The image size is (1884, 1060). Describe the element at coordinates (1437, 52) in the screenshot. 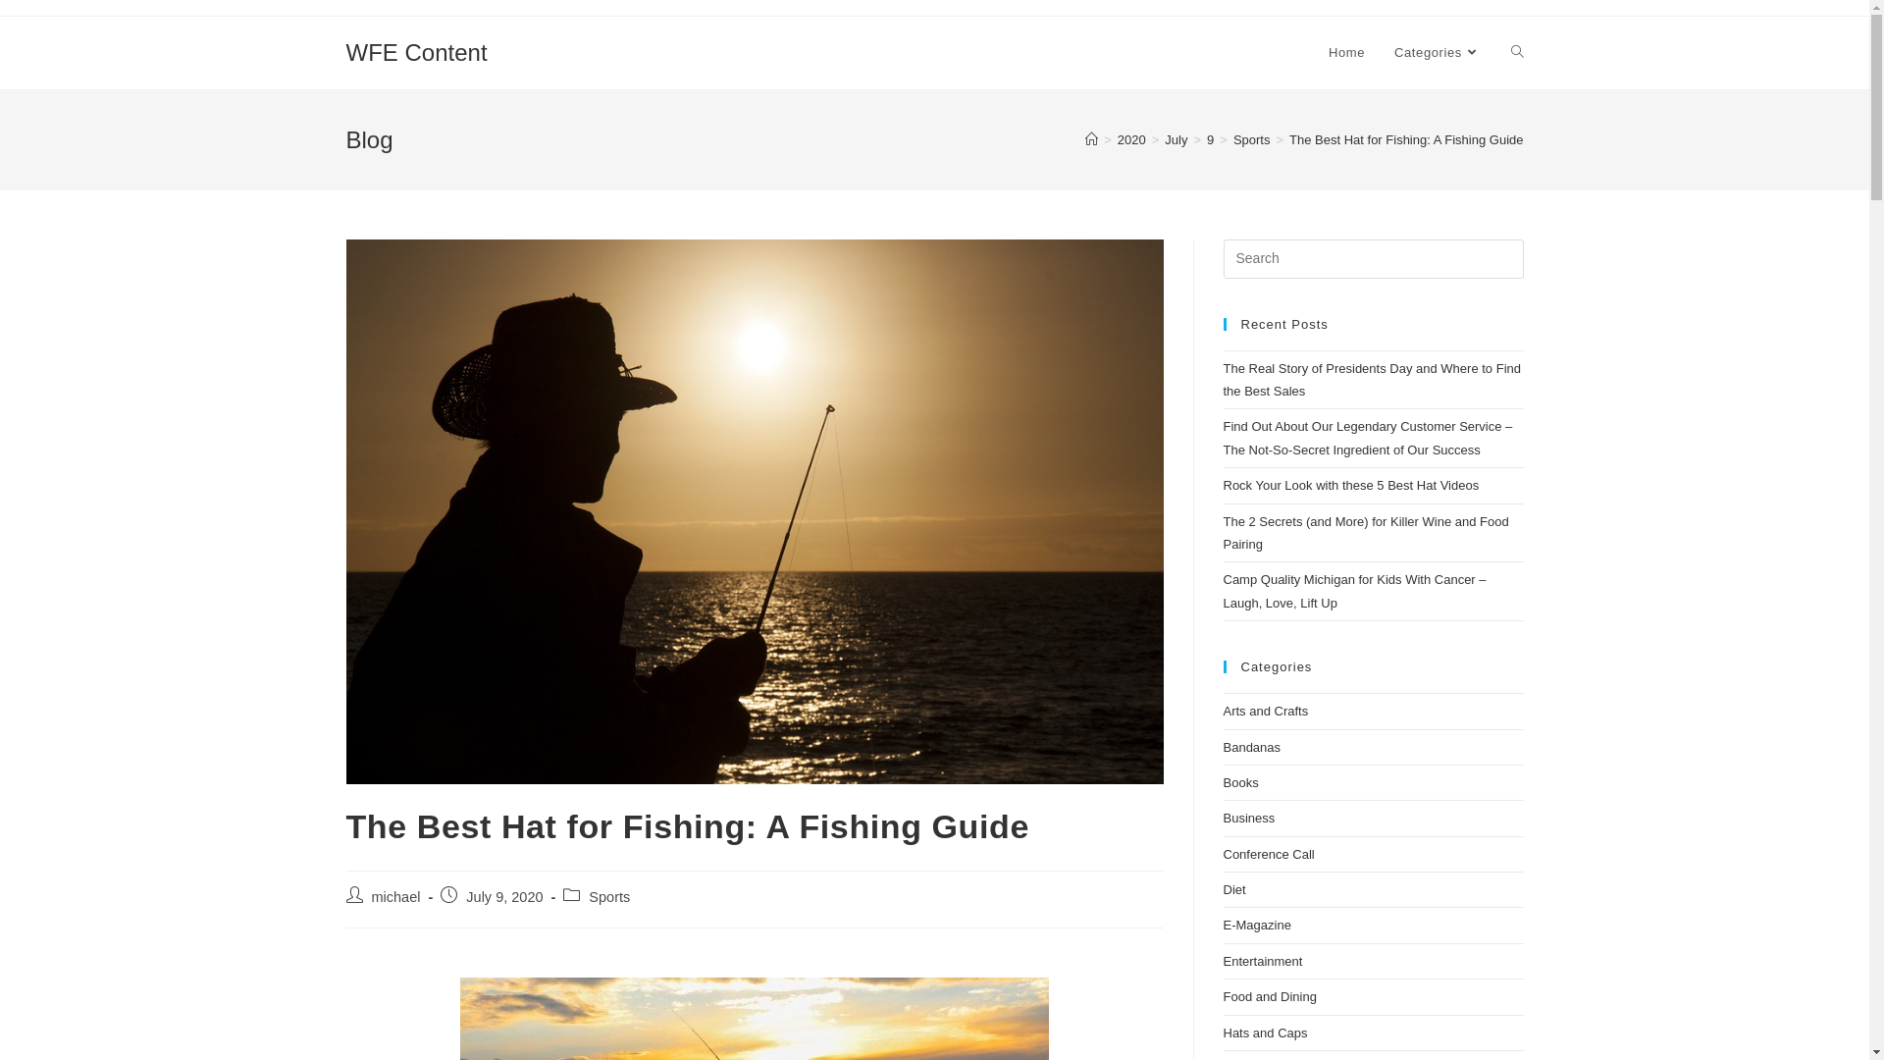

I see `'Categories'` at that location.